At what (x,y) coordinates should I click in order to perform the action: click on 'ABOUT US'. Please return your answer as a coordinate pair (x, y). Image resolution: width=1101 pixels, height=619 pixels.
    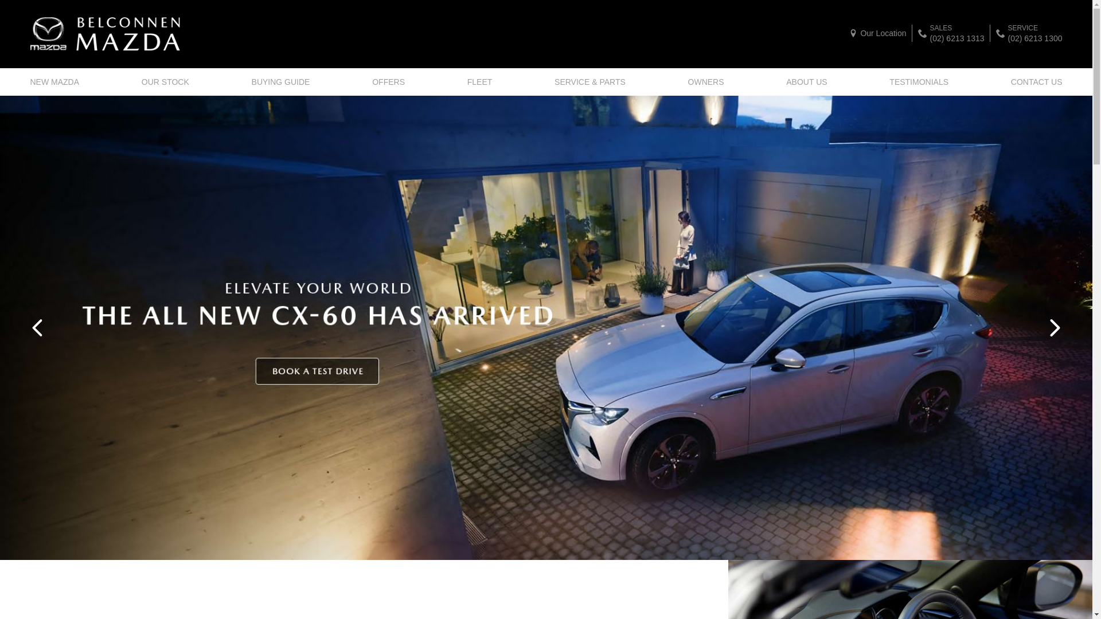
    Looking at the image, I should click on (806, 81).